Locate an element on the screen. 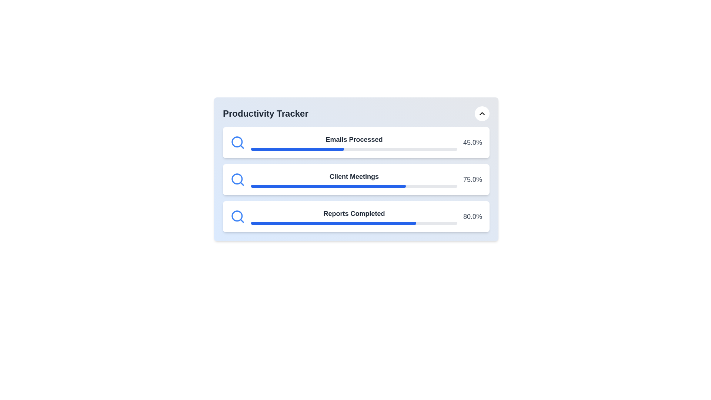  the progress bar segment representing the completion level of the 'Client Meetings' task, located in the second row of the interface is located at coordinates (328, 186).